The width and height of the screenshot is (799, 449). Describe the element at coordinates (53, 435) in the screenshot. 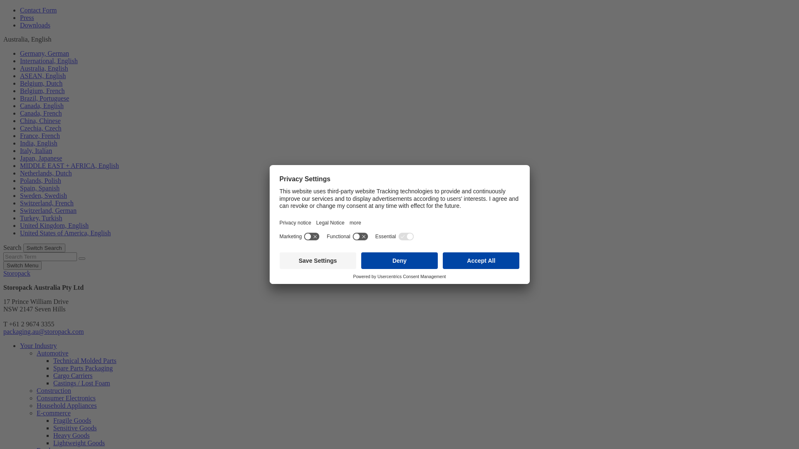

I see `'Heavy Goods'` at that location.